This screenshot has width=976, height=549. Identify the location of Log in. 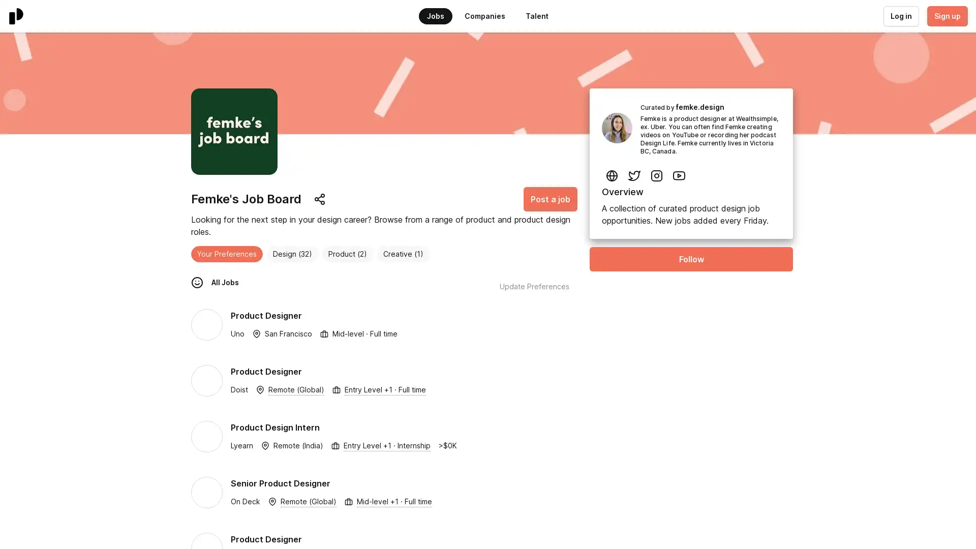
(900, 16).